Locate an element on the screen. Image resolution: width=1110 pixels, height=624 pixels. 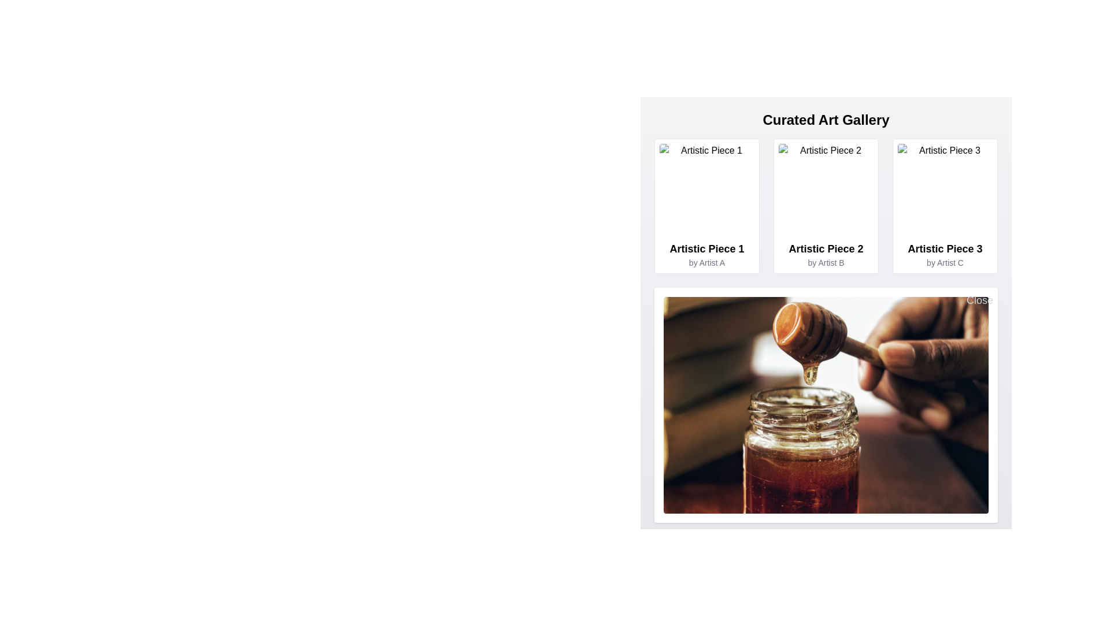
the image preview of the honey dipper dripping honey into a jar, located in the Curated Art Gallery section below the grid layout of artistic pieces is located at coordinates (826, 398).